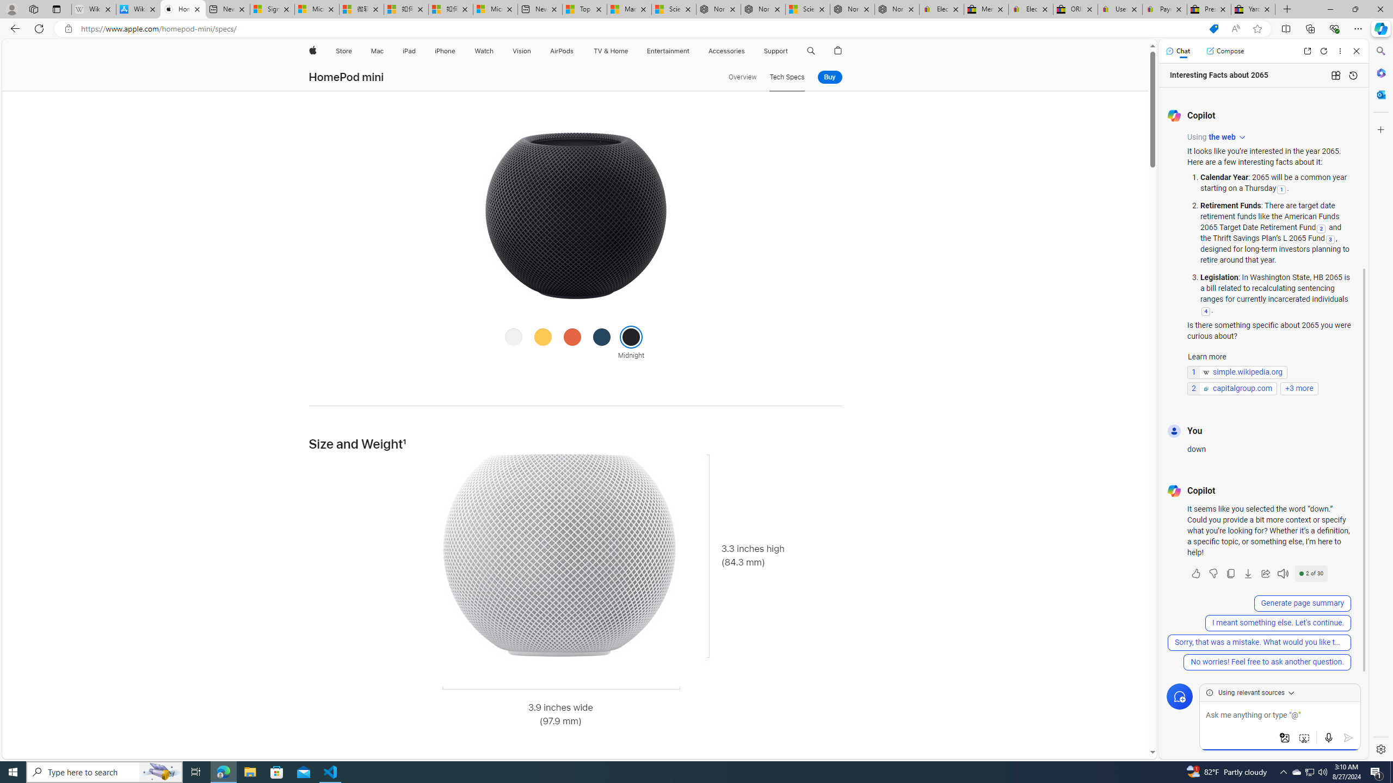 This screenshot has height=783, width=1393. I want to click on 'Support menu', so click(790, 51).